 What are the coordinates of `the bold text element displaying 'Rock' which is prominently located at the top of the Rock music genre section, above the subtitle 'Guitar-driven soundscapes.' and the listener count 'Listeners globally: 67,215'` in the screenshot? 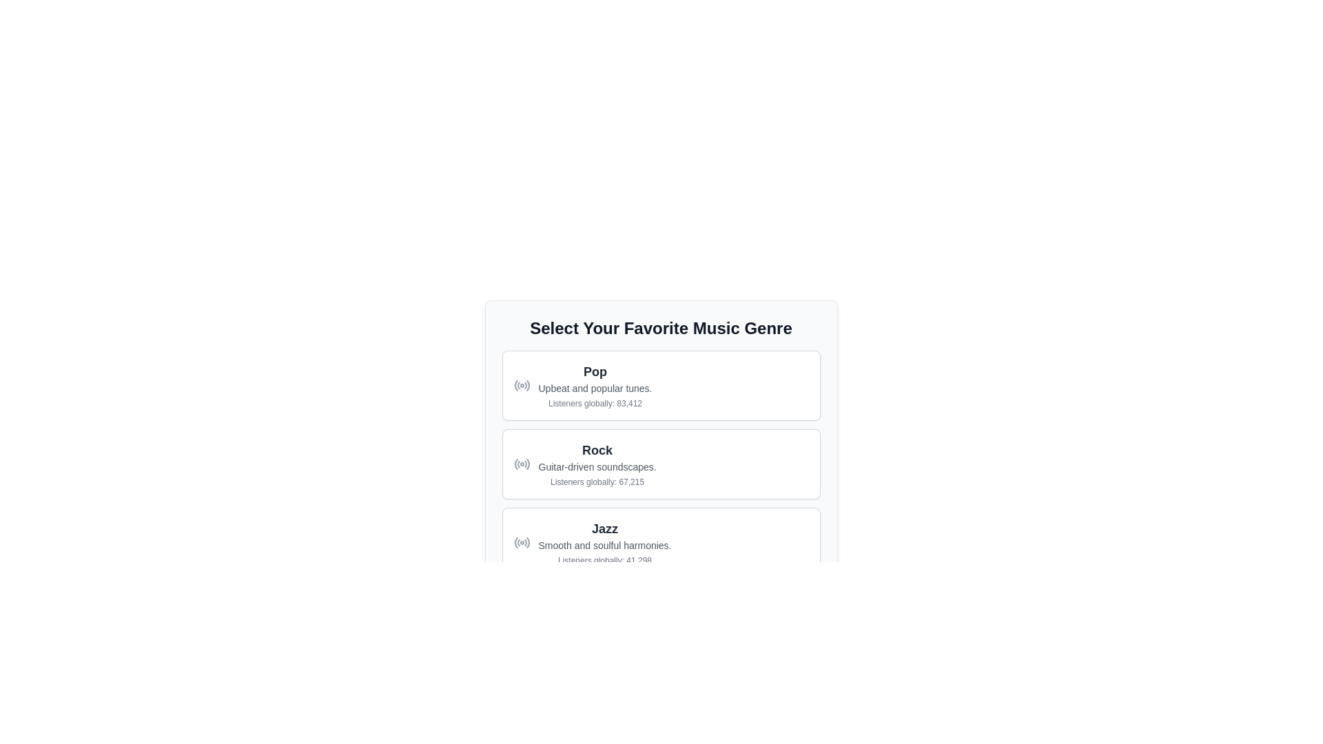 It's located at (597, 451).